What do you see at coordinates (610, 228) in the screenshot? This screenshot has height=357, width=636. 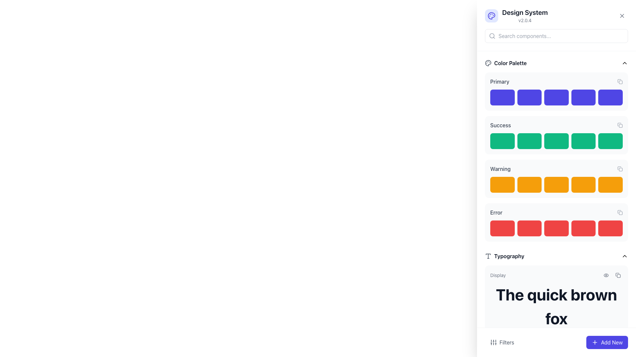 I see `strong red colored sample block with rounded corners located at the far right end of the 'Error' section in the UI` at bounding box center [610, 228].